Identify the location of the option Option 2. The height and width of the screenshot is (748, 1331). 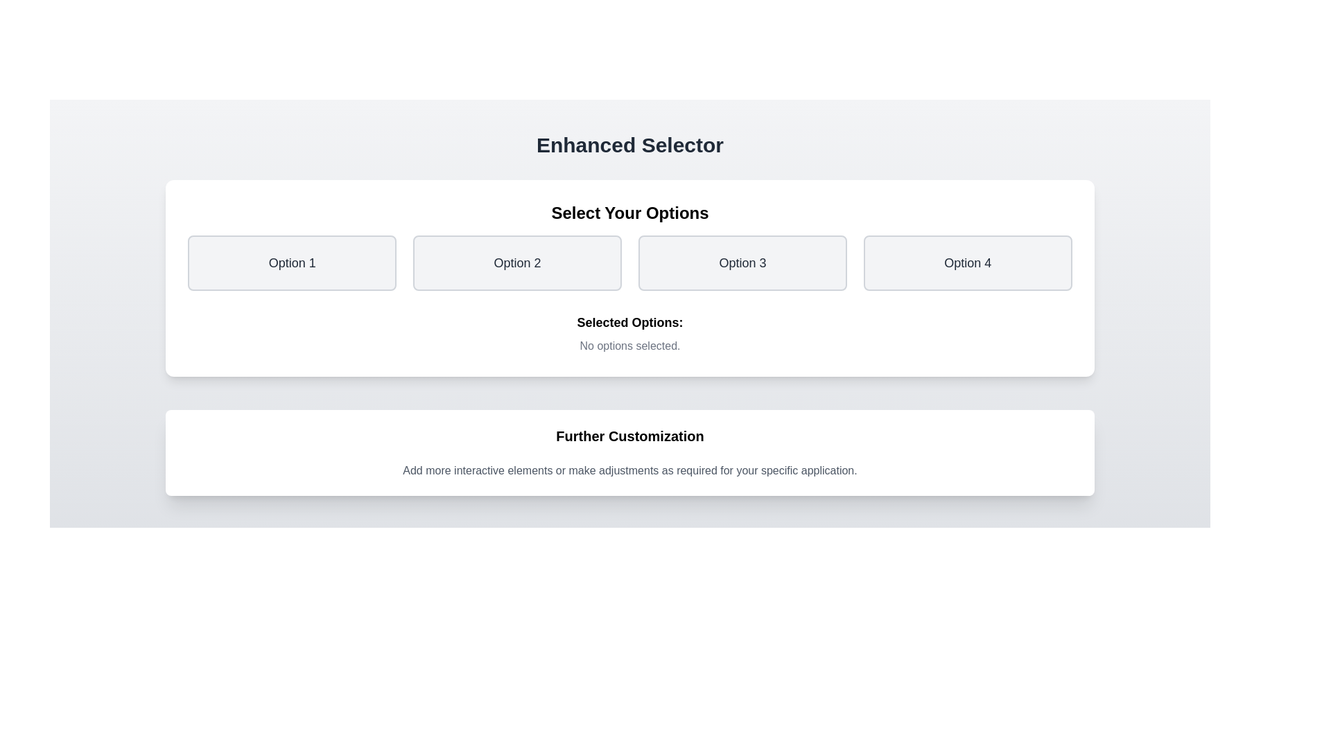
(516, 263).